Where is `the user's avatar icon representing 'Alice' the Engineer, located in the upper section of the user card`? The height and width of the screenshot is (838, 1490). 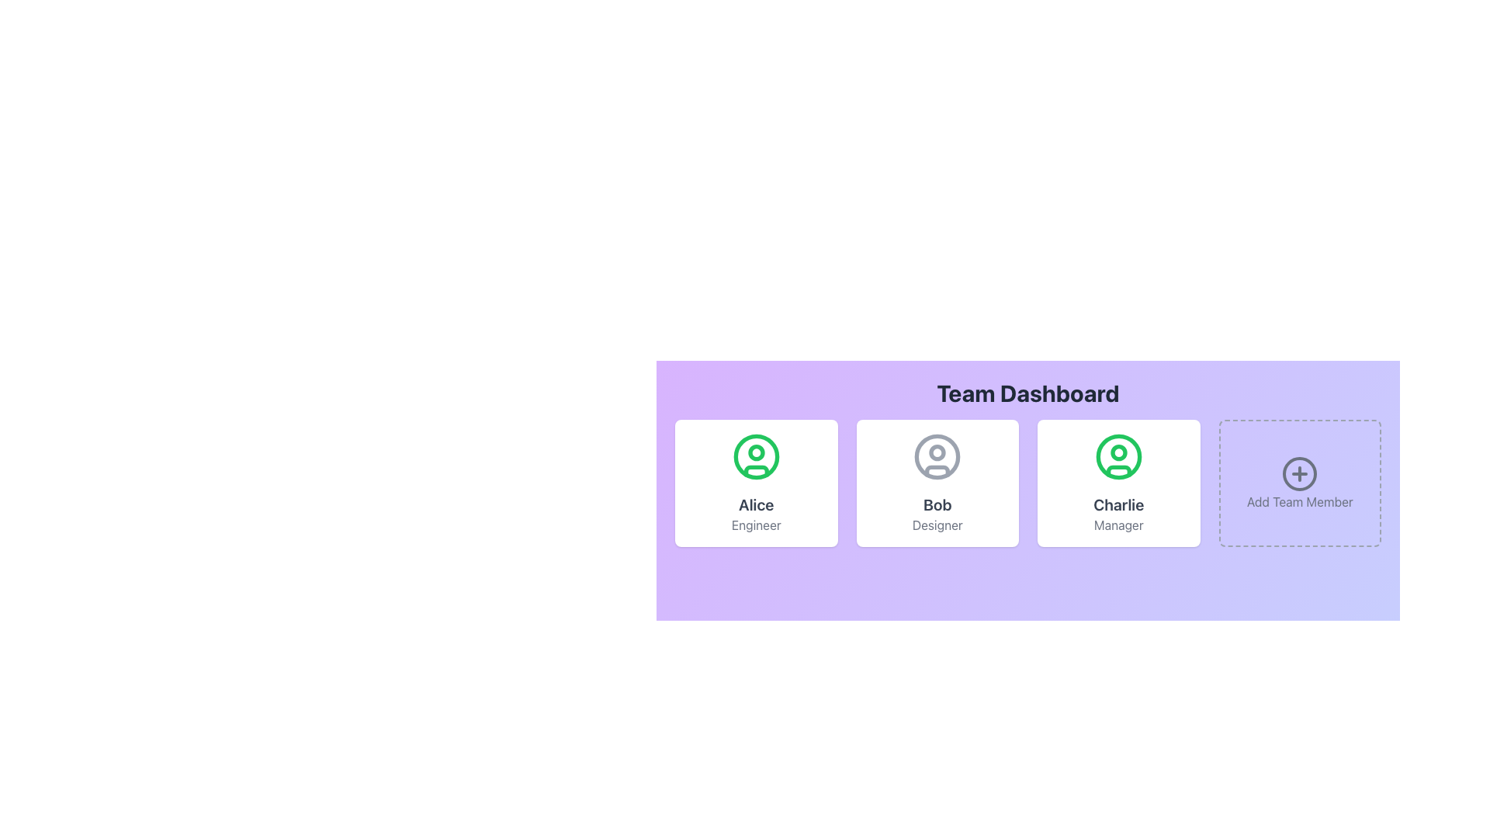 the user's avatar icon representing 'Alice' the Engineer, located in the upper section of the user card is located at coordinates (756, 456).